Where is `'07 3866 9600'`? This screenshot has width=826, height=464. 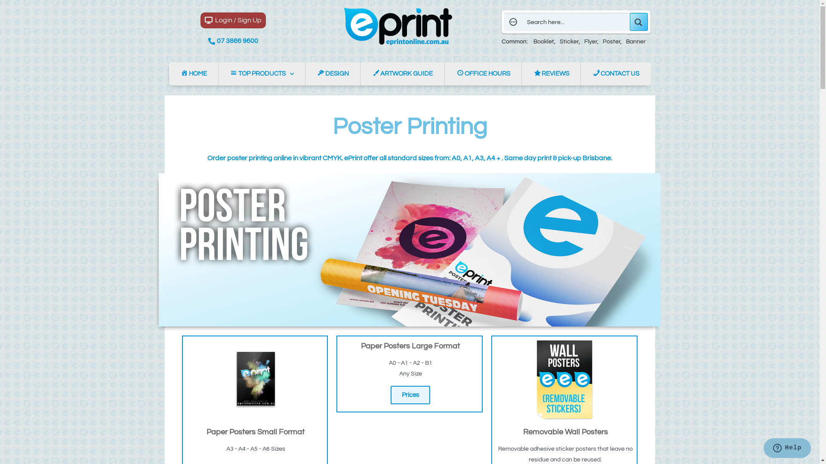
'07 3866 9600' is located at coordinates (233, 41).